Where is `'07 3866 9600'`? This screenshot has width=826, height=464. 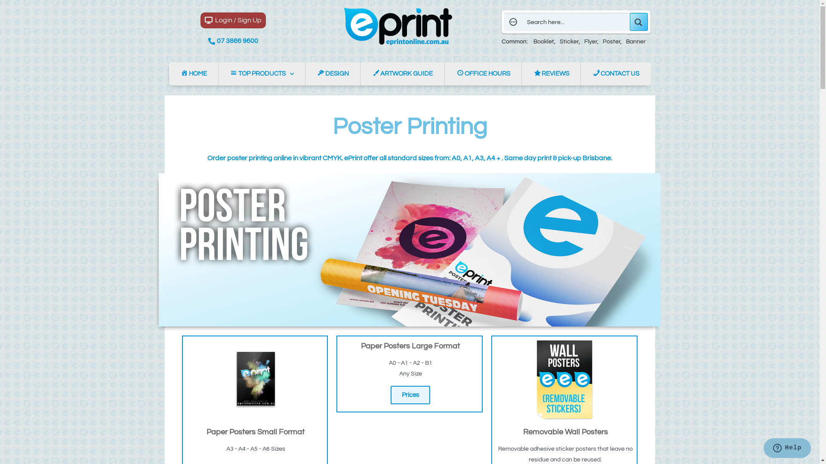
'07 3866 9600' is located at coordinates (233, 41).